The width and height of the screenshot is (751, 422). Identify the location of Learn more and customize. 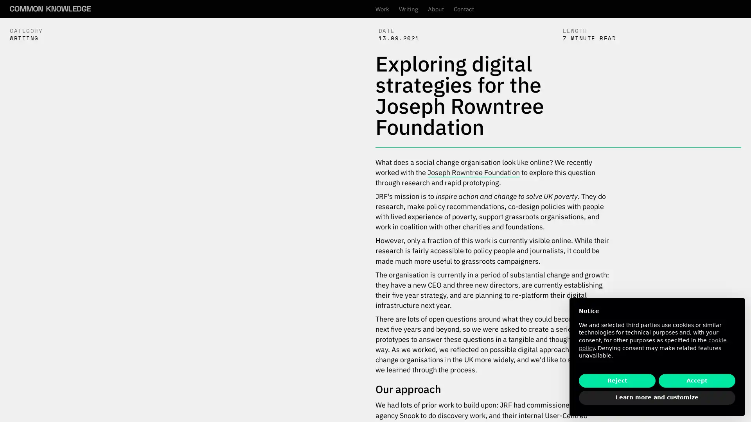
(657, 398).